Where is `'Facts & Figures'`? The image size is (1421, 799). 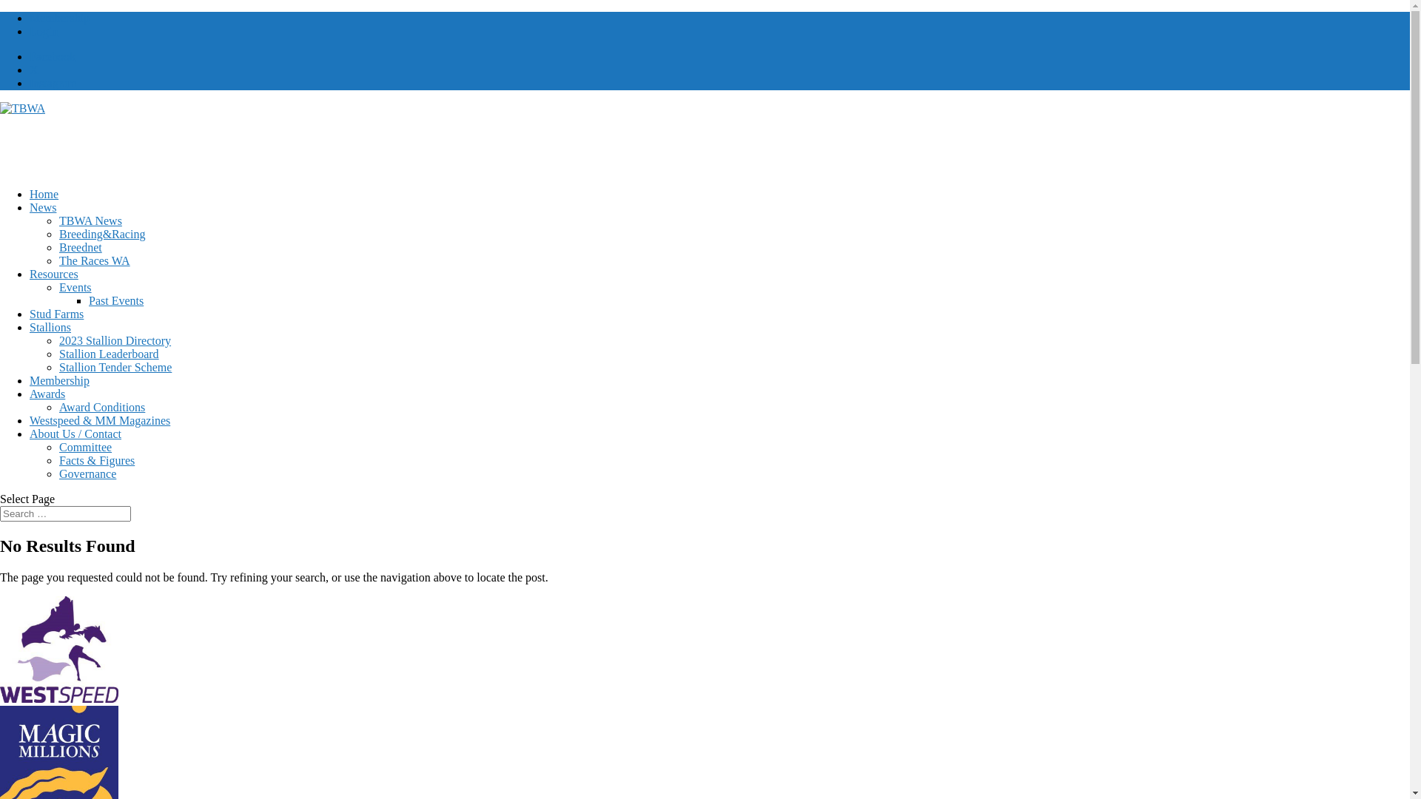
'Facts & Figures' is located at coordinates (59, 459).